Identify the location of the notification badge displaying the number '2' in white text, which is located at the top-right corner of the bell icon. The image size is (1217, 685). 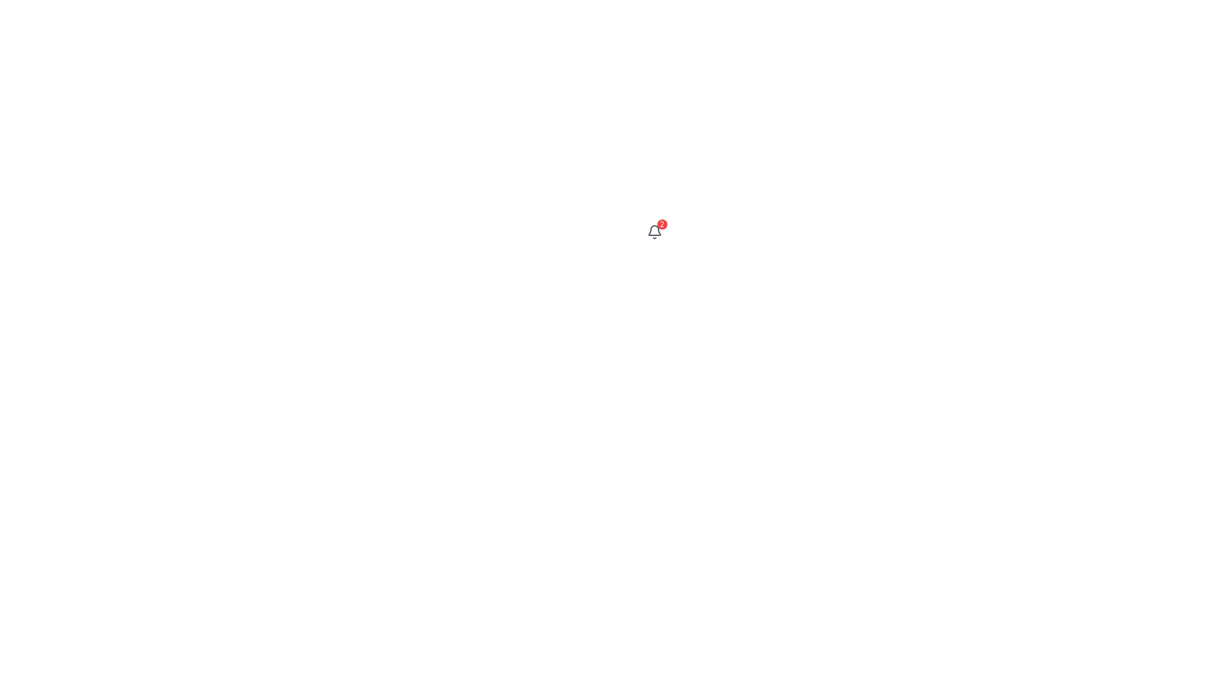
(654, 232).